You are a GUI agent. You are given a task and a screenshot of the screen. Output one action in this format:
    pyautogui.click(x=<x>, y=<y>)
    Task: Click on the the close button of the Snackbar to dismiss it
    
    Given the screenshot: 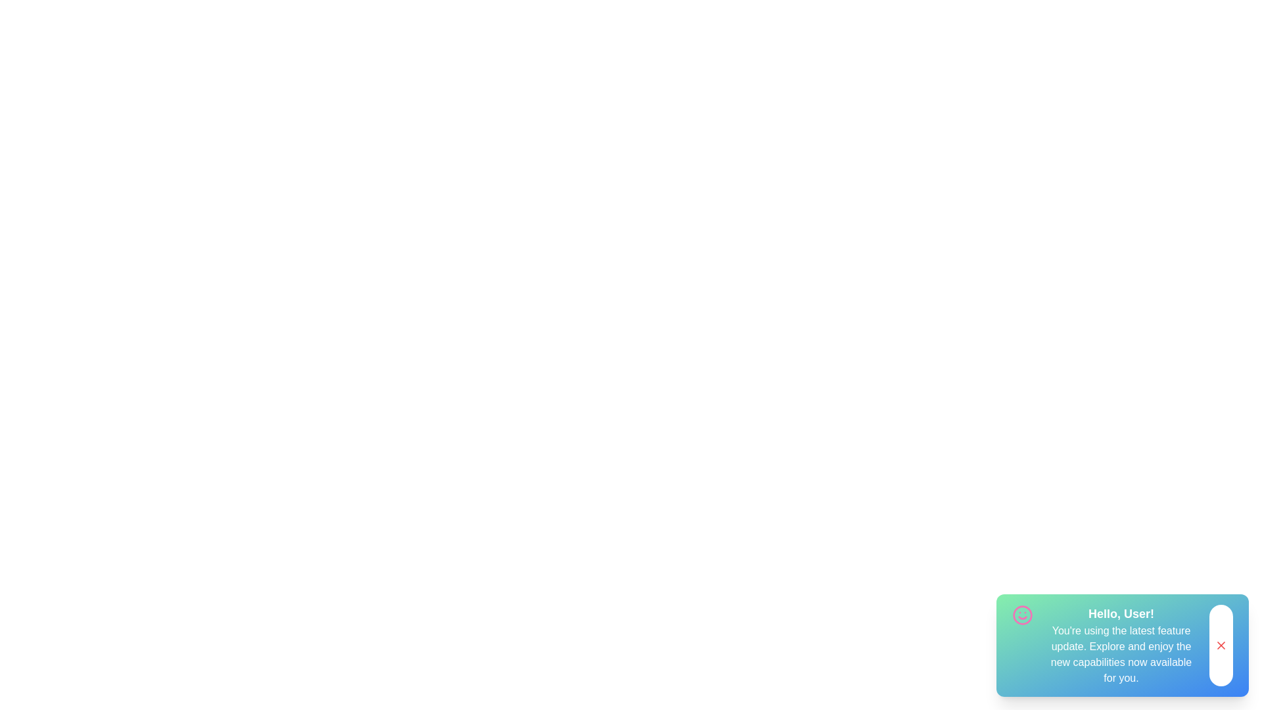 What is the action you would take?
    pyautogui.click(x=1220, y=645)
    